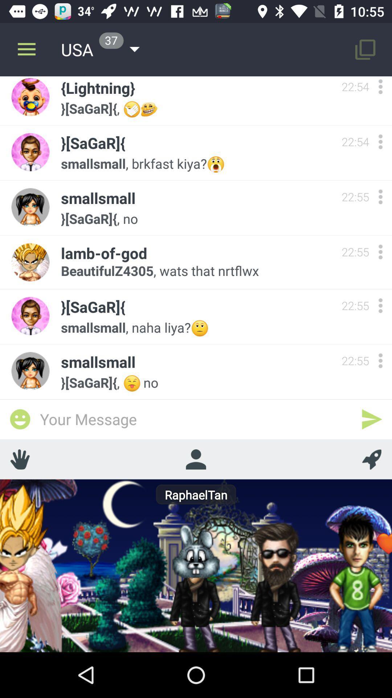 This screenshot has height=698, width=392. Describe the element at coordinates (20, 419) in the screenshot. I see `message icon` at that location.